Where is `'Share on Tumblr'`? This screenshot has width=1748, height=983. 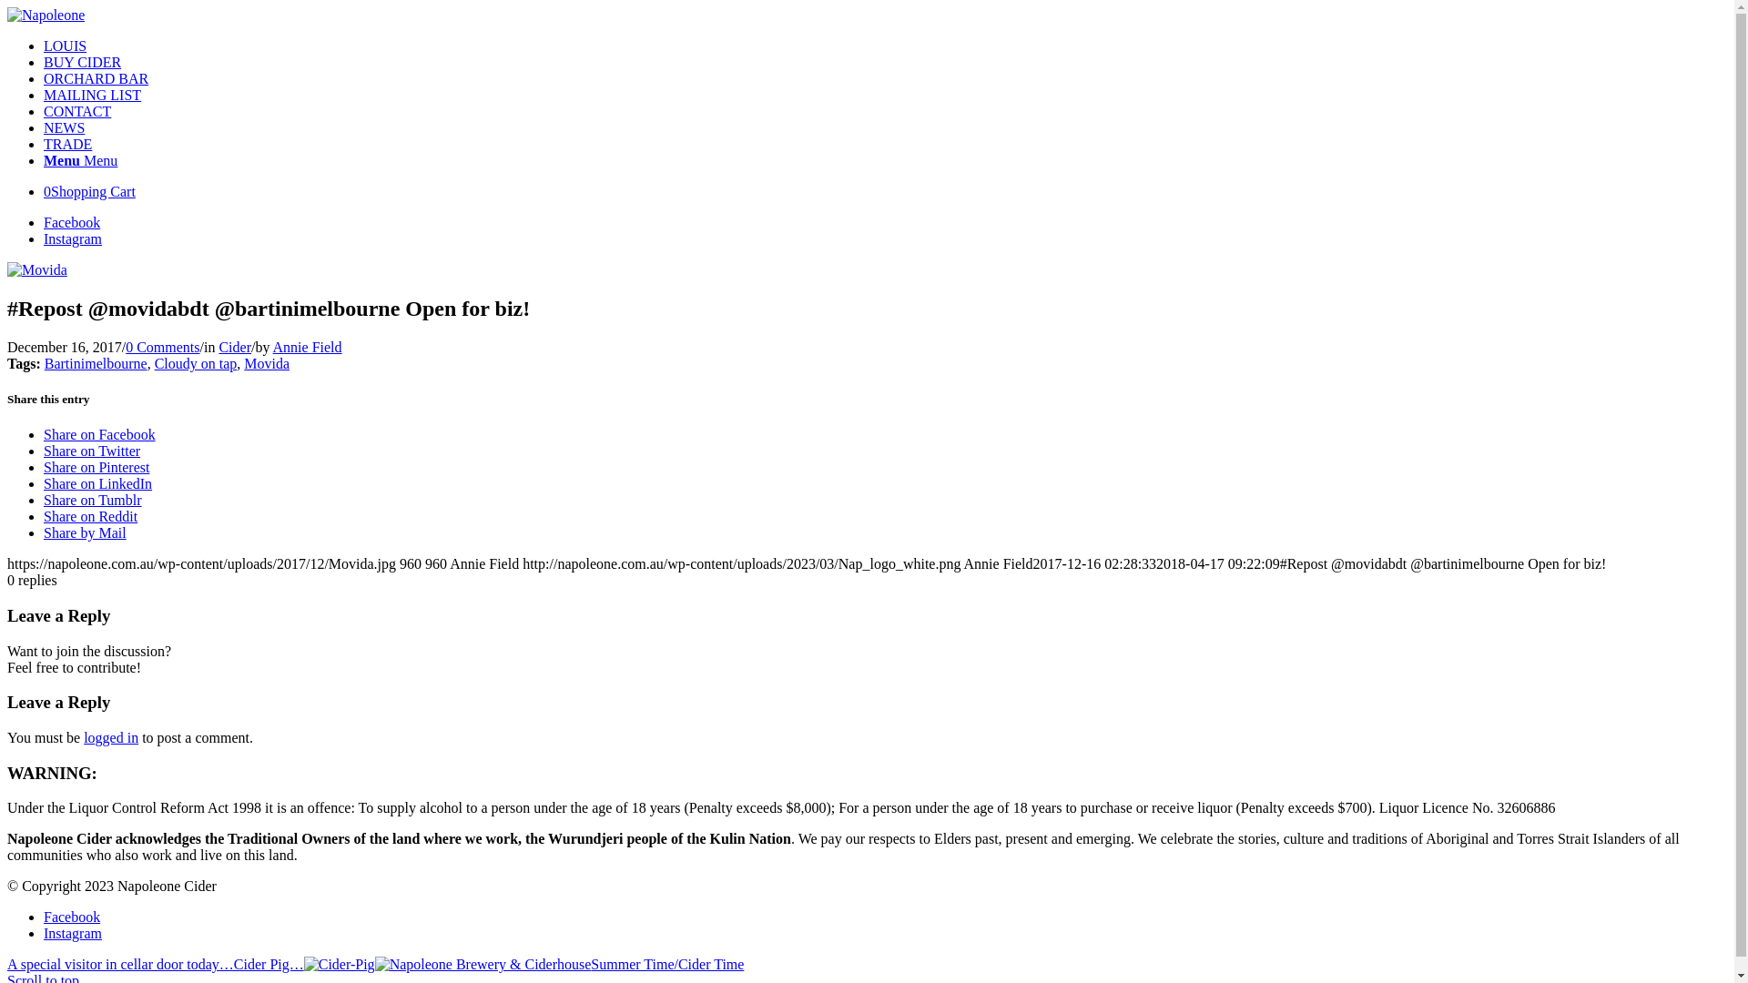
'Share on Tumblr' is located at coordinates (91, 500).